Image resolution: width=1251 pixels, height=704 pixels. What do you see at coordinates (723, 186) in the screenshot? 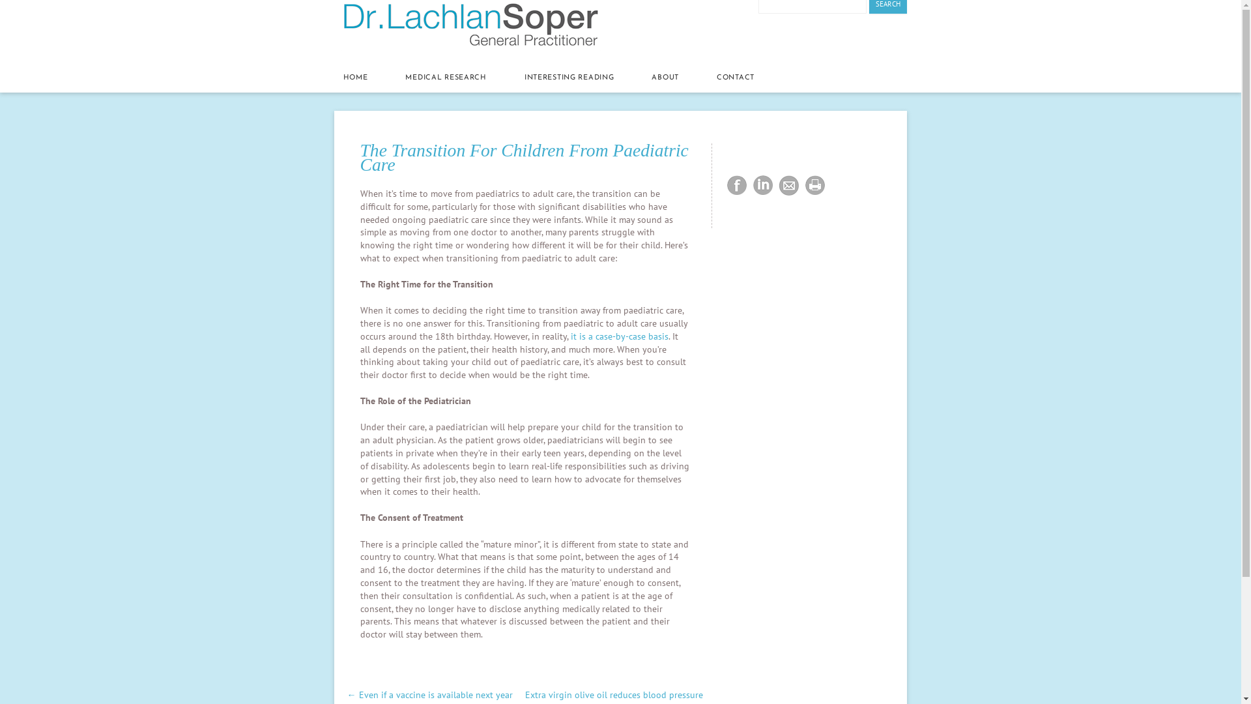
I see `'Facebook'` at bounding box center [723, 186].